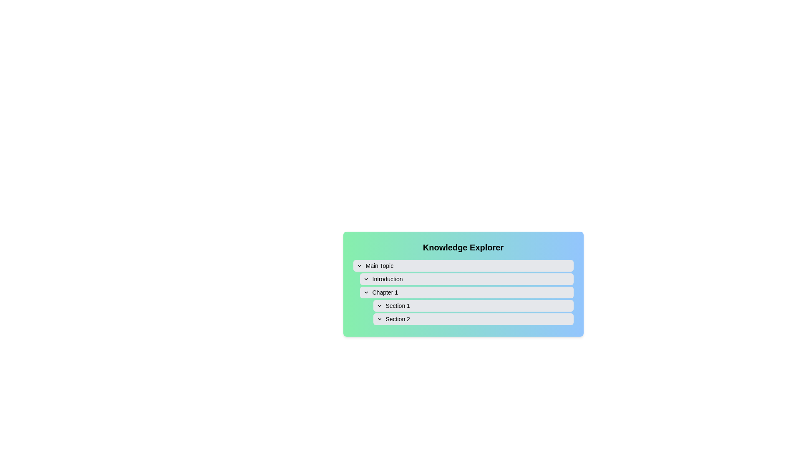 The image size is (801, 450). Describe the element at coordinates (397, 305) in the screenshot. I see `the text label that signifies the title of the corresponding section in the hierarchical view under 'Chapter 1', located adjacent to an arrow icon` at that location.